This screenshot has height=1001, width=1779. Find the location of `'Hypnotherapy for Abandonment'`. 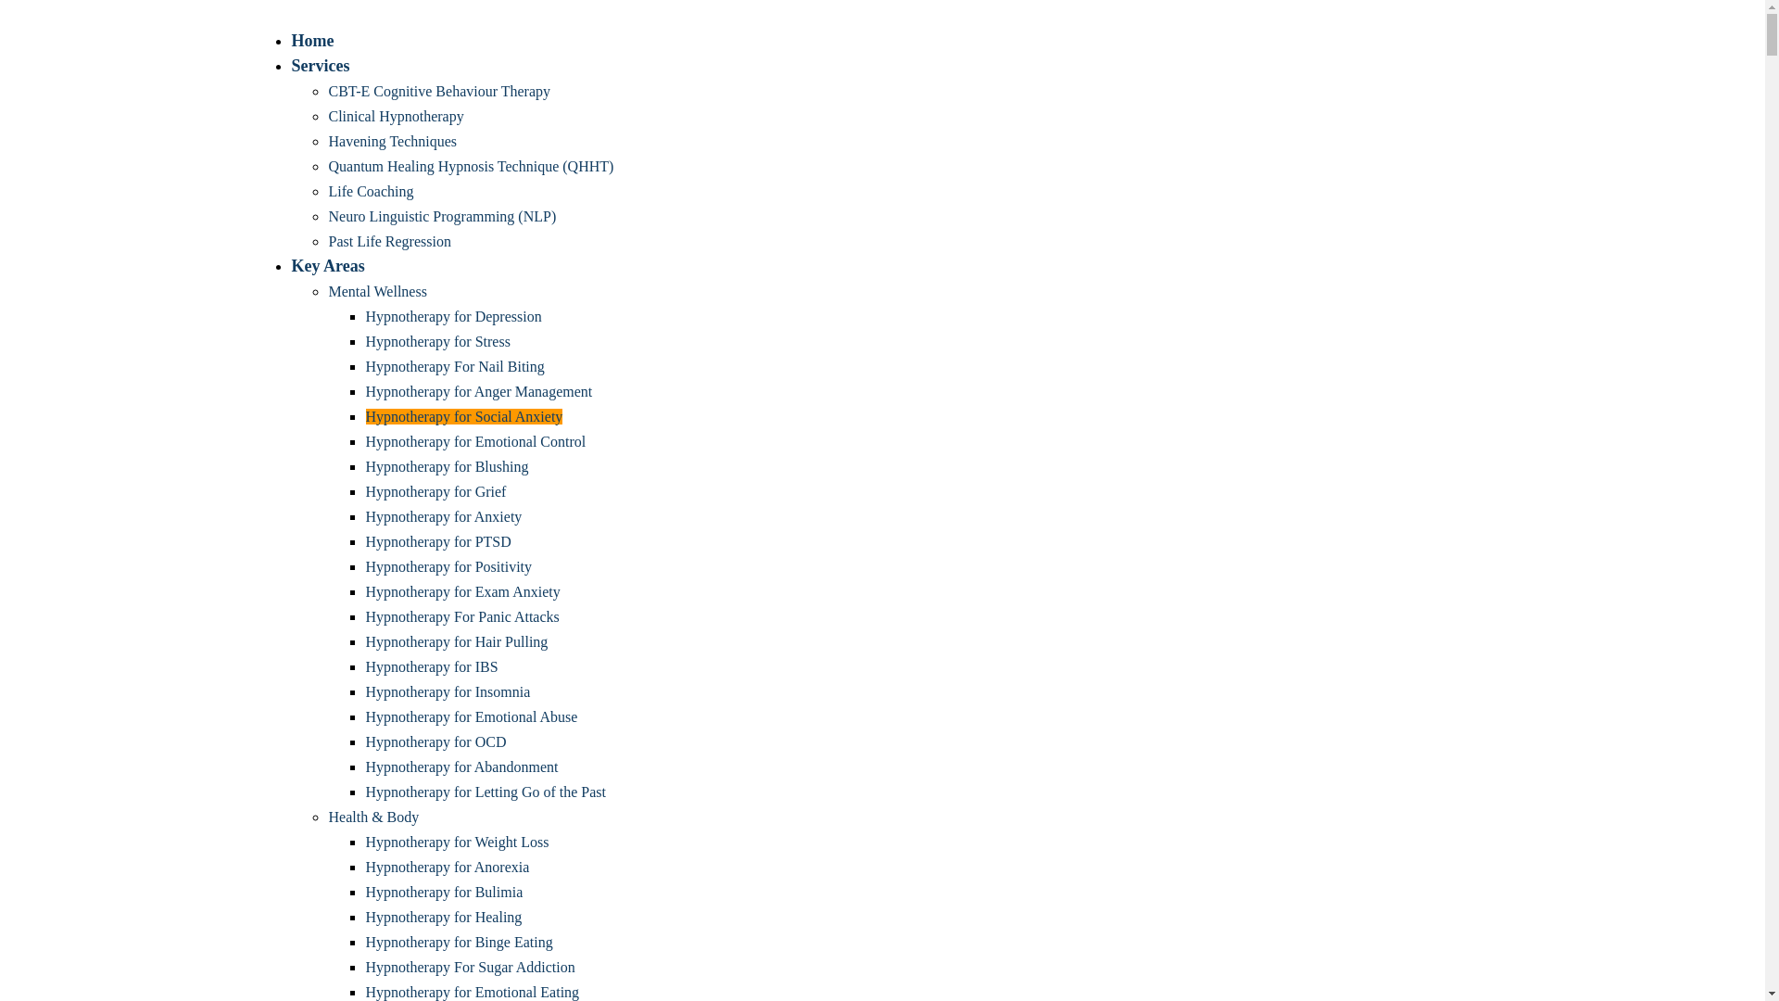

'Hypnotherapy for Abandonment' is located at coordinates (461, 767).